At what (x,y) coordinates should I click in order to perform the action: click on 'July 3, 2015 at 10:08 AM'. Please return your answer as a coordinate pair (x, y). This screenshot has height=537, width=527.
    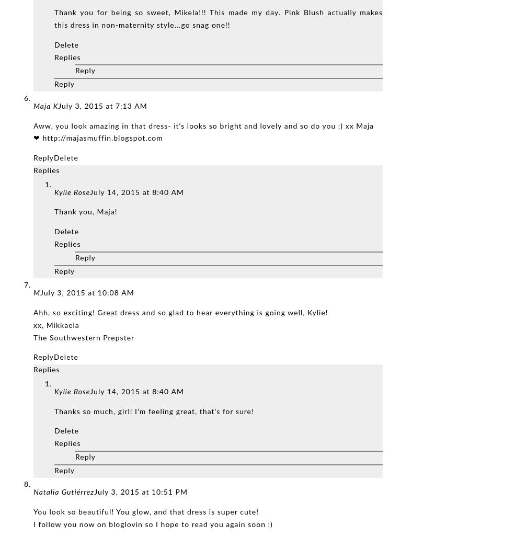
    Looking at the image, I should click on (87, 293).